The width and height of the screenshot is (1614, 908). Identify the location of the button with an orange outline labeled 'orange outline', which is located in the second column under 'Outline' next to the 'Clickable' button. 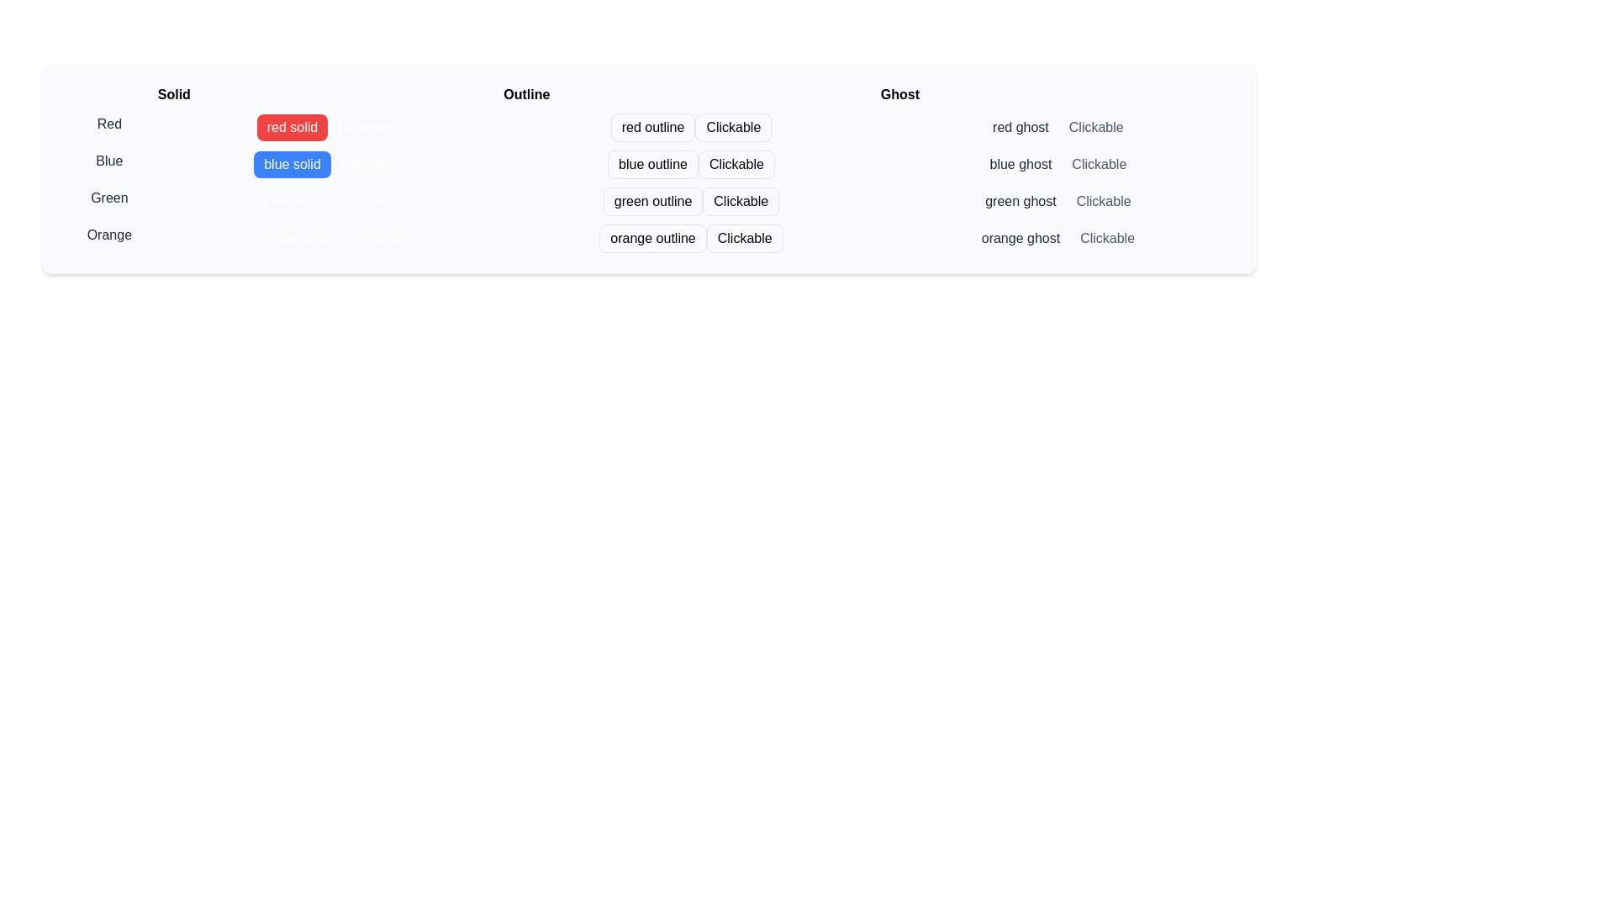
(652, 239).